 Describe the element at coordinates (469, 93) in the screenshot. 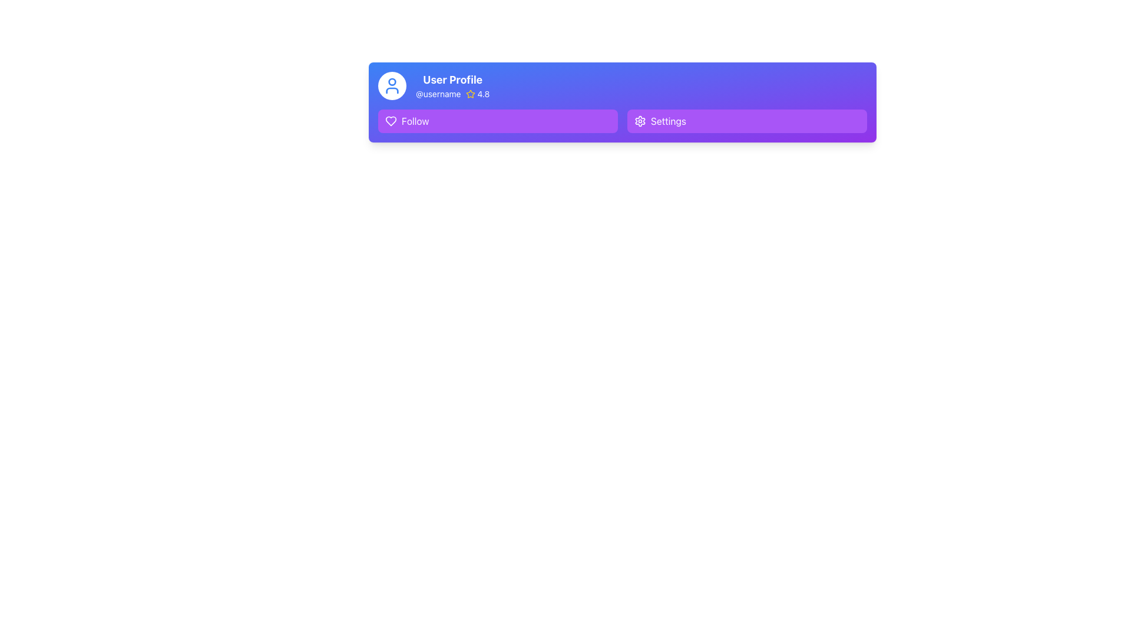

I see `the yellow star icon with a hollow center located beside the username text in the user profile header, adjacent to the text '4.8'` at that location.